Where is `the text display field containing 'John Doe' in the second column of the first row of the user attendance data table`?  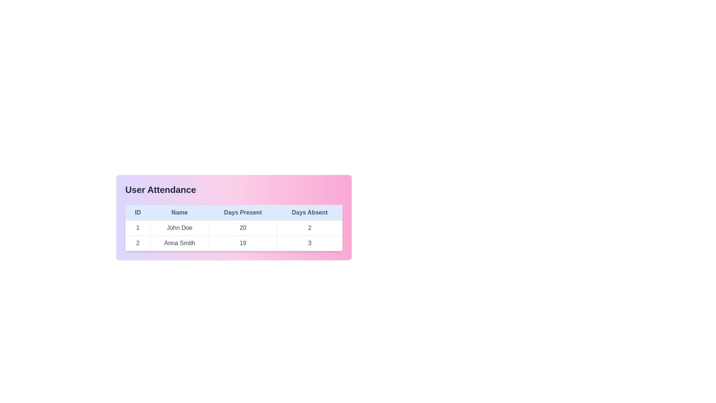 the text display field containing 'John Doe' in the second column of the first row of the user attendance data table is located at coordinates (179, 227).